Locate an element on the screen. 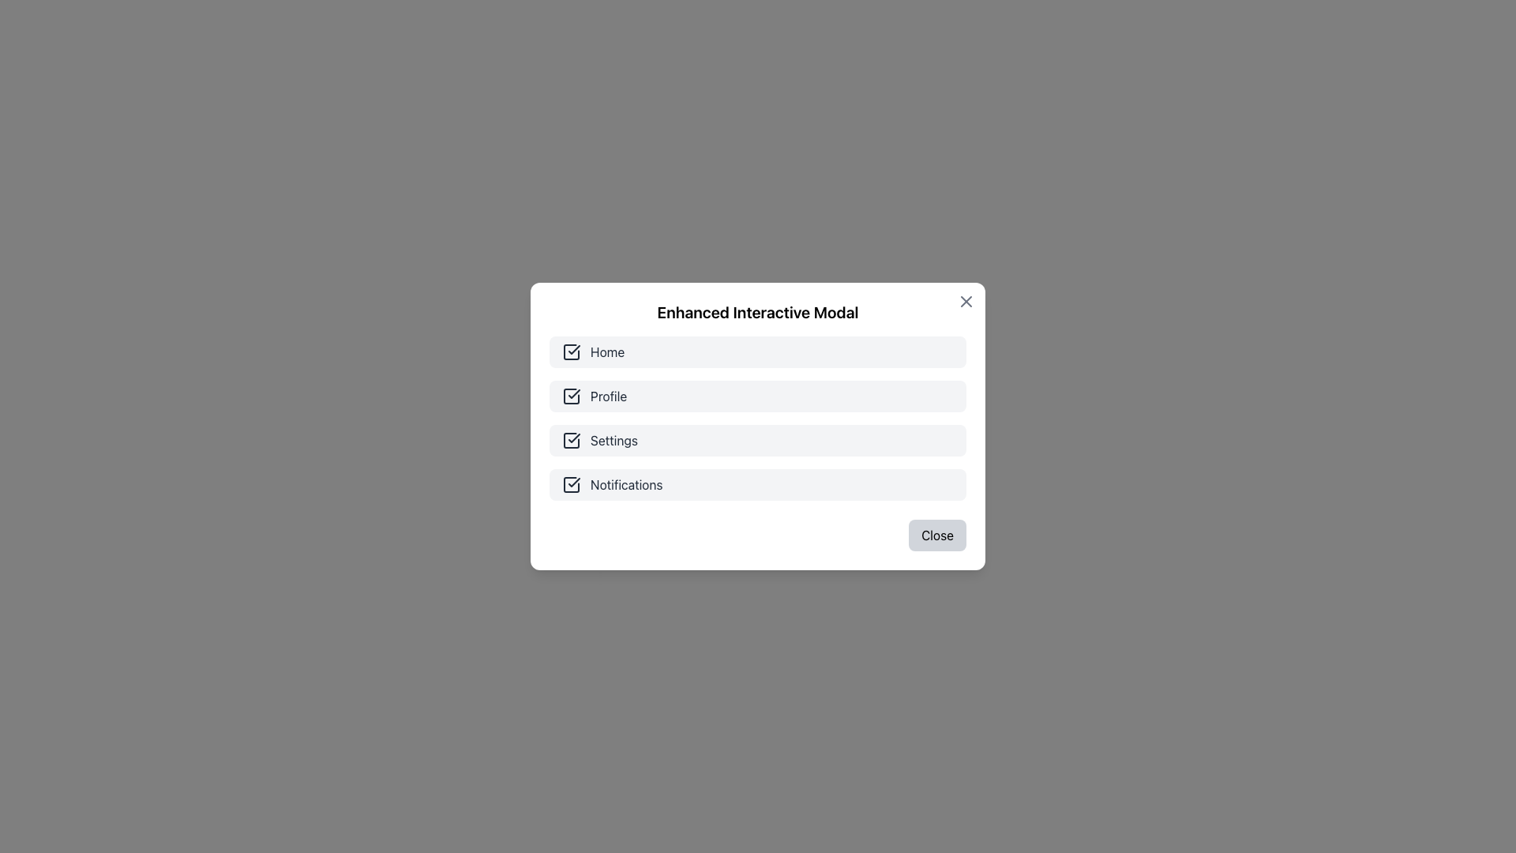  the Checkbox icon indicating the selected state for the 'Profile' option is located at coordinates (571, 395).